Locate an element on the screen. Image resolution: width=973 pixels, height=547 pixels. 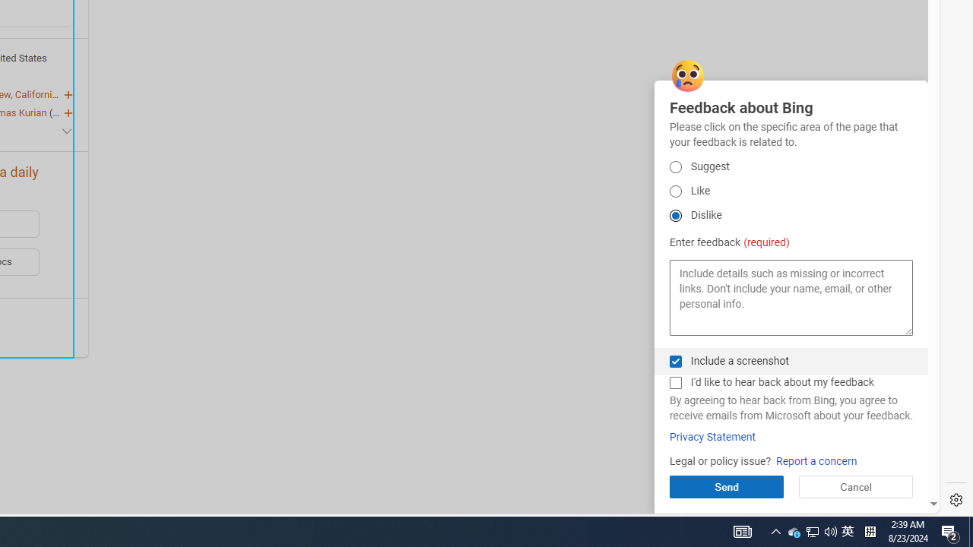
'Cancel' is located at coordinates (855, 486).